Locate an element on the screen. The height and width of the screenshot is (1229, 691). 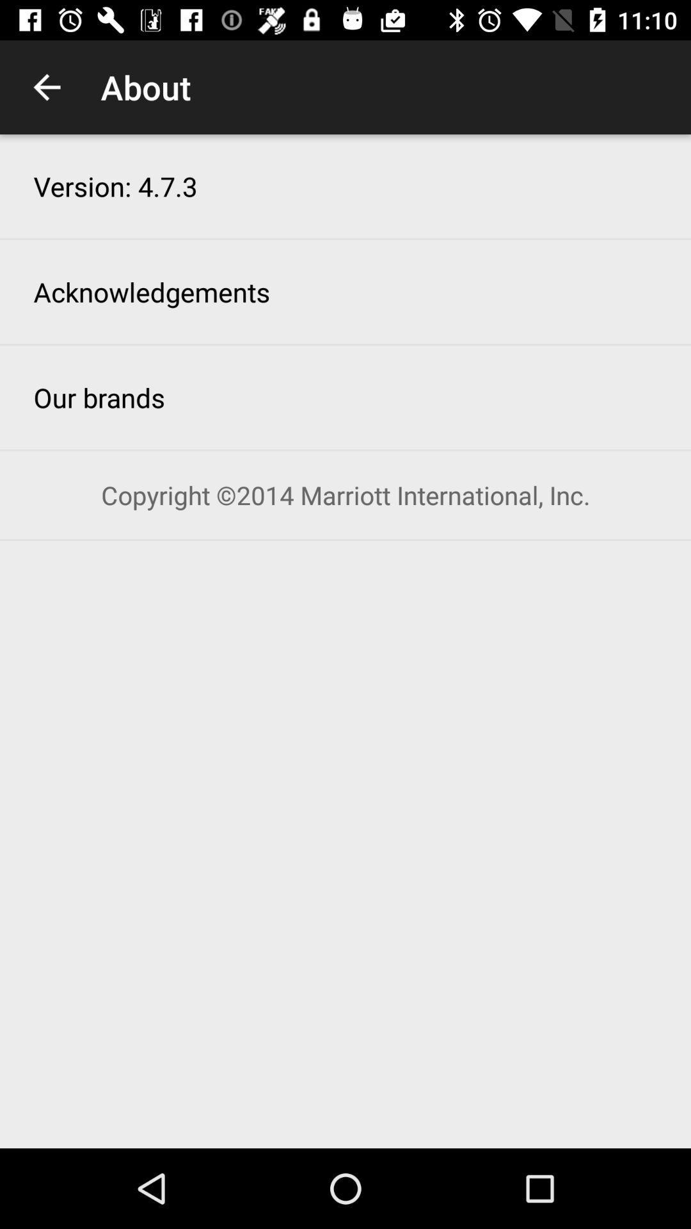
the icon next to about is located at coordinates (46, 86).